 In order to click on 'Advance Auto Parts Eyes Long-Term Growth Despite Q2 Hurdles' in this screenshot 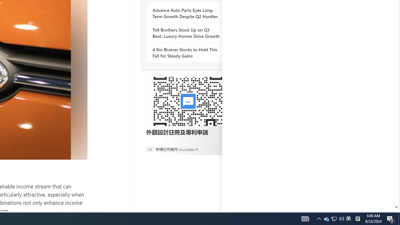, I will do `click(186, 13)`.